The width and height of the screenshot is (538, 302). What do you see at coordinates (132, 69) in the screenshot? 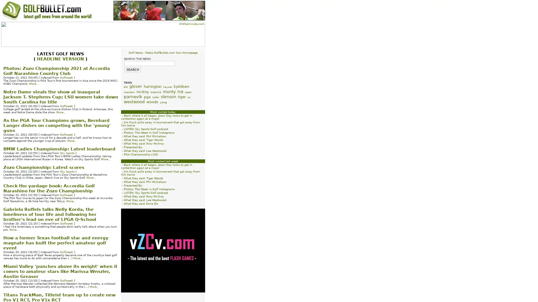
I see `SEARCH` at bounding box center [132, 69].